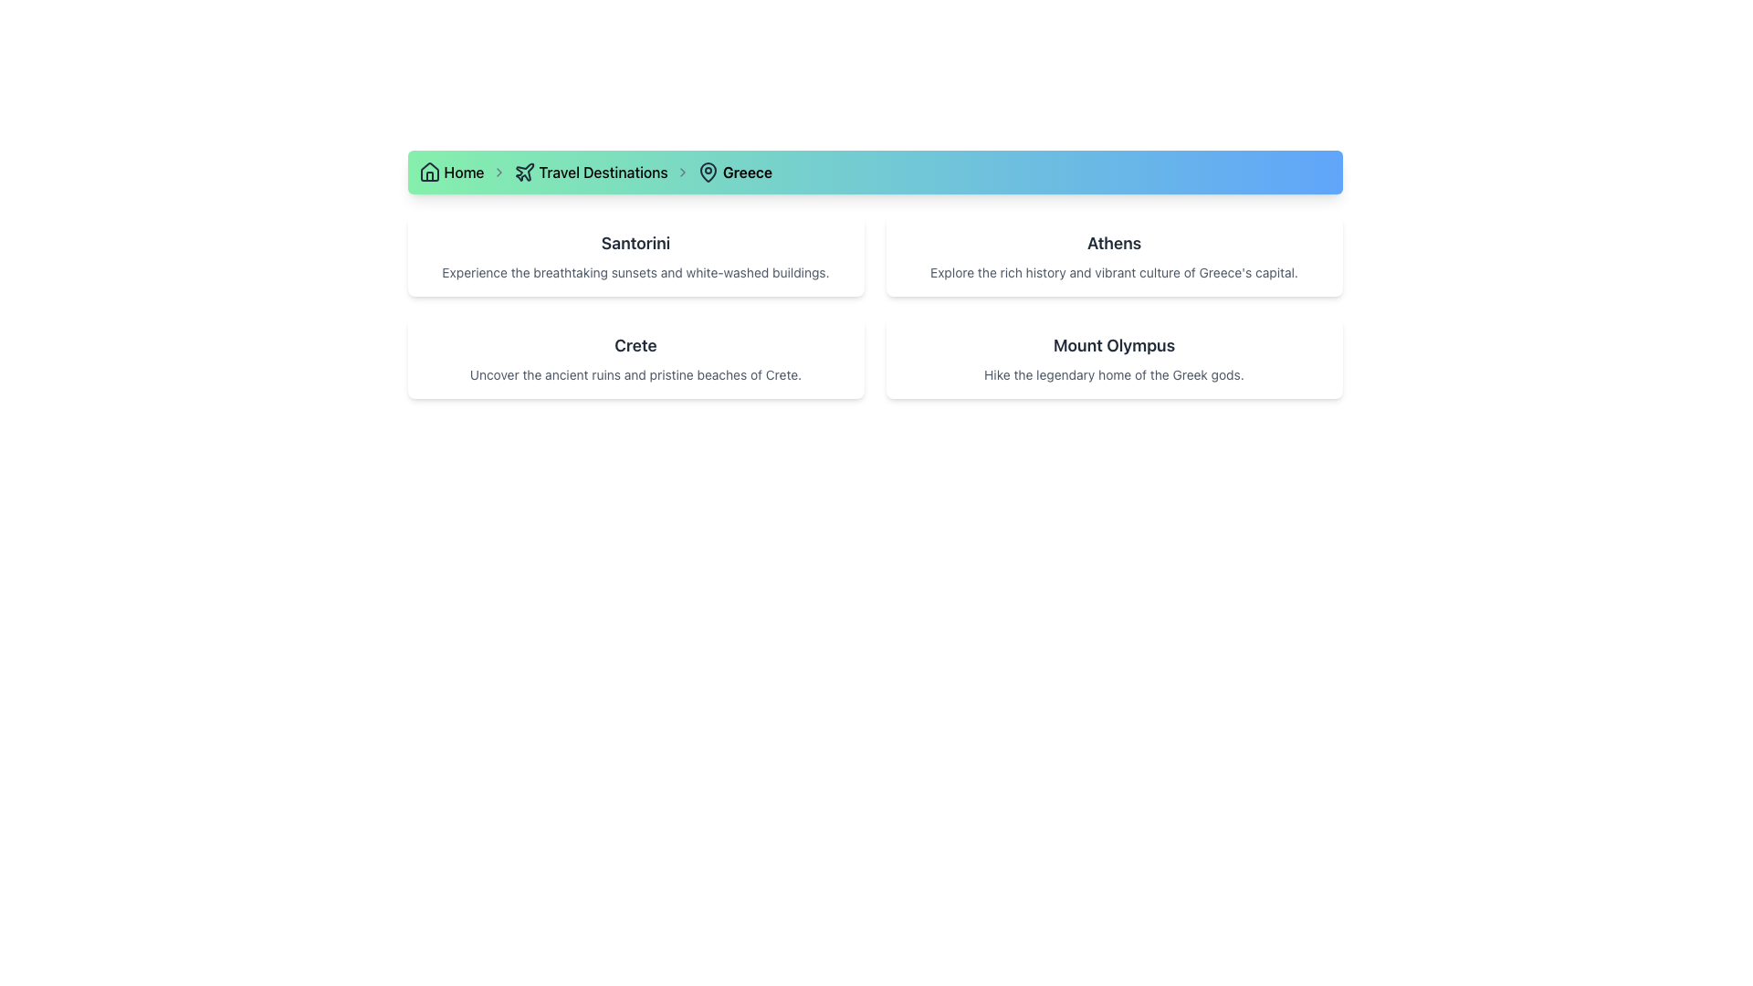 The height and width of the screenshot is (986, 1753). Describe the element at coordinates (604, 173) in the screenshot. I see `the 'Travel Destinations' text label, which serves as a navigation breadcrumb indicating the current section within the app's structure` at that location.